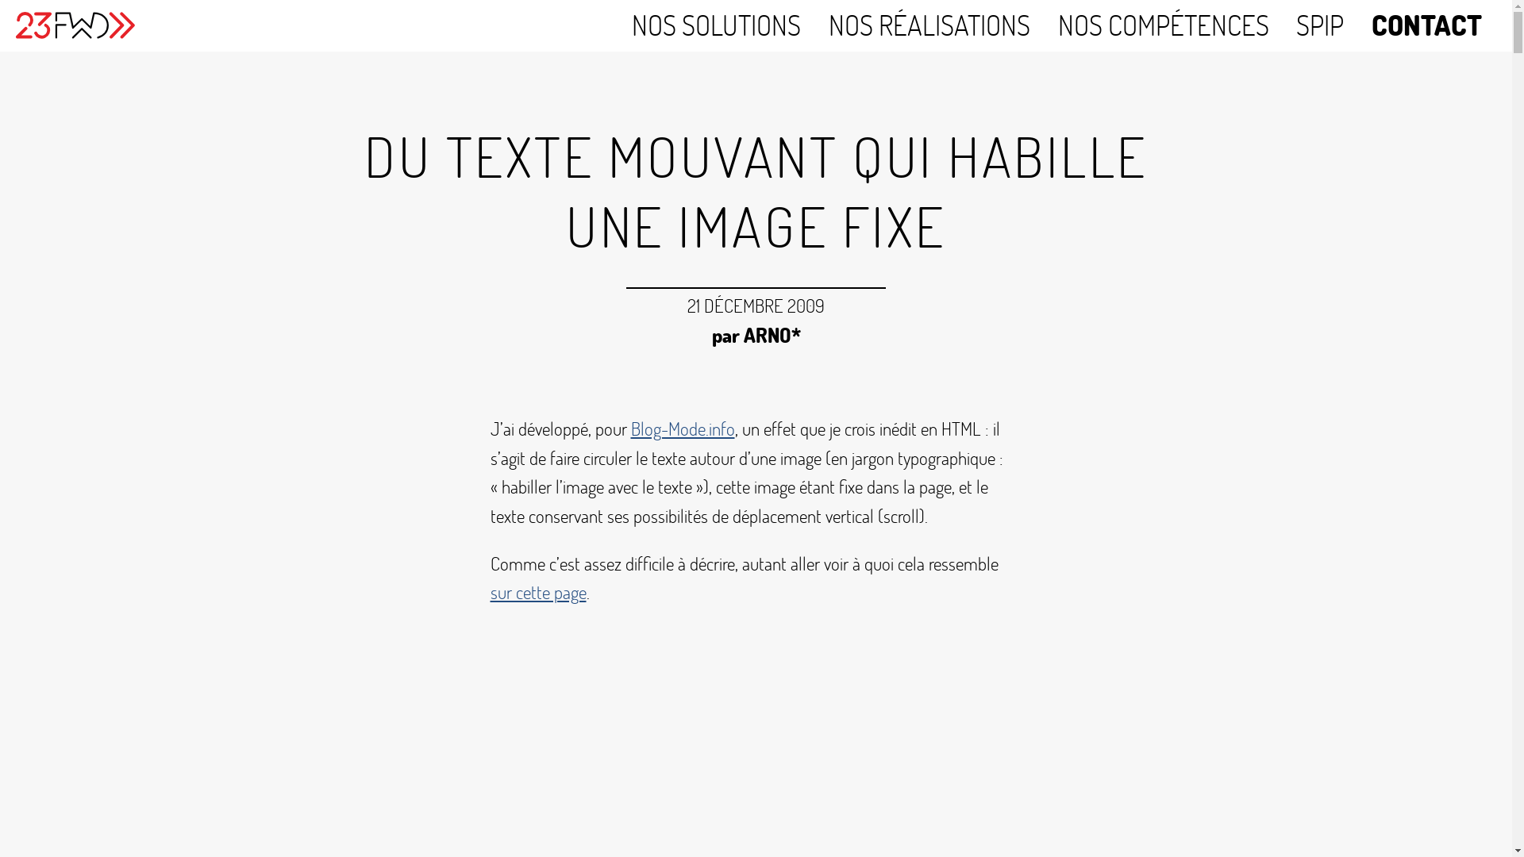 This screenshot has width=1524, height=857. I want to click on 'Blog-Mode.info', so click(682, 428).